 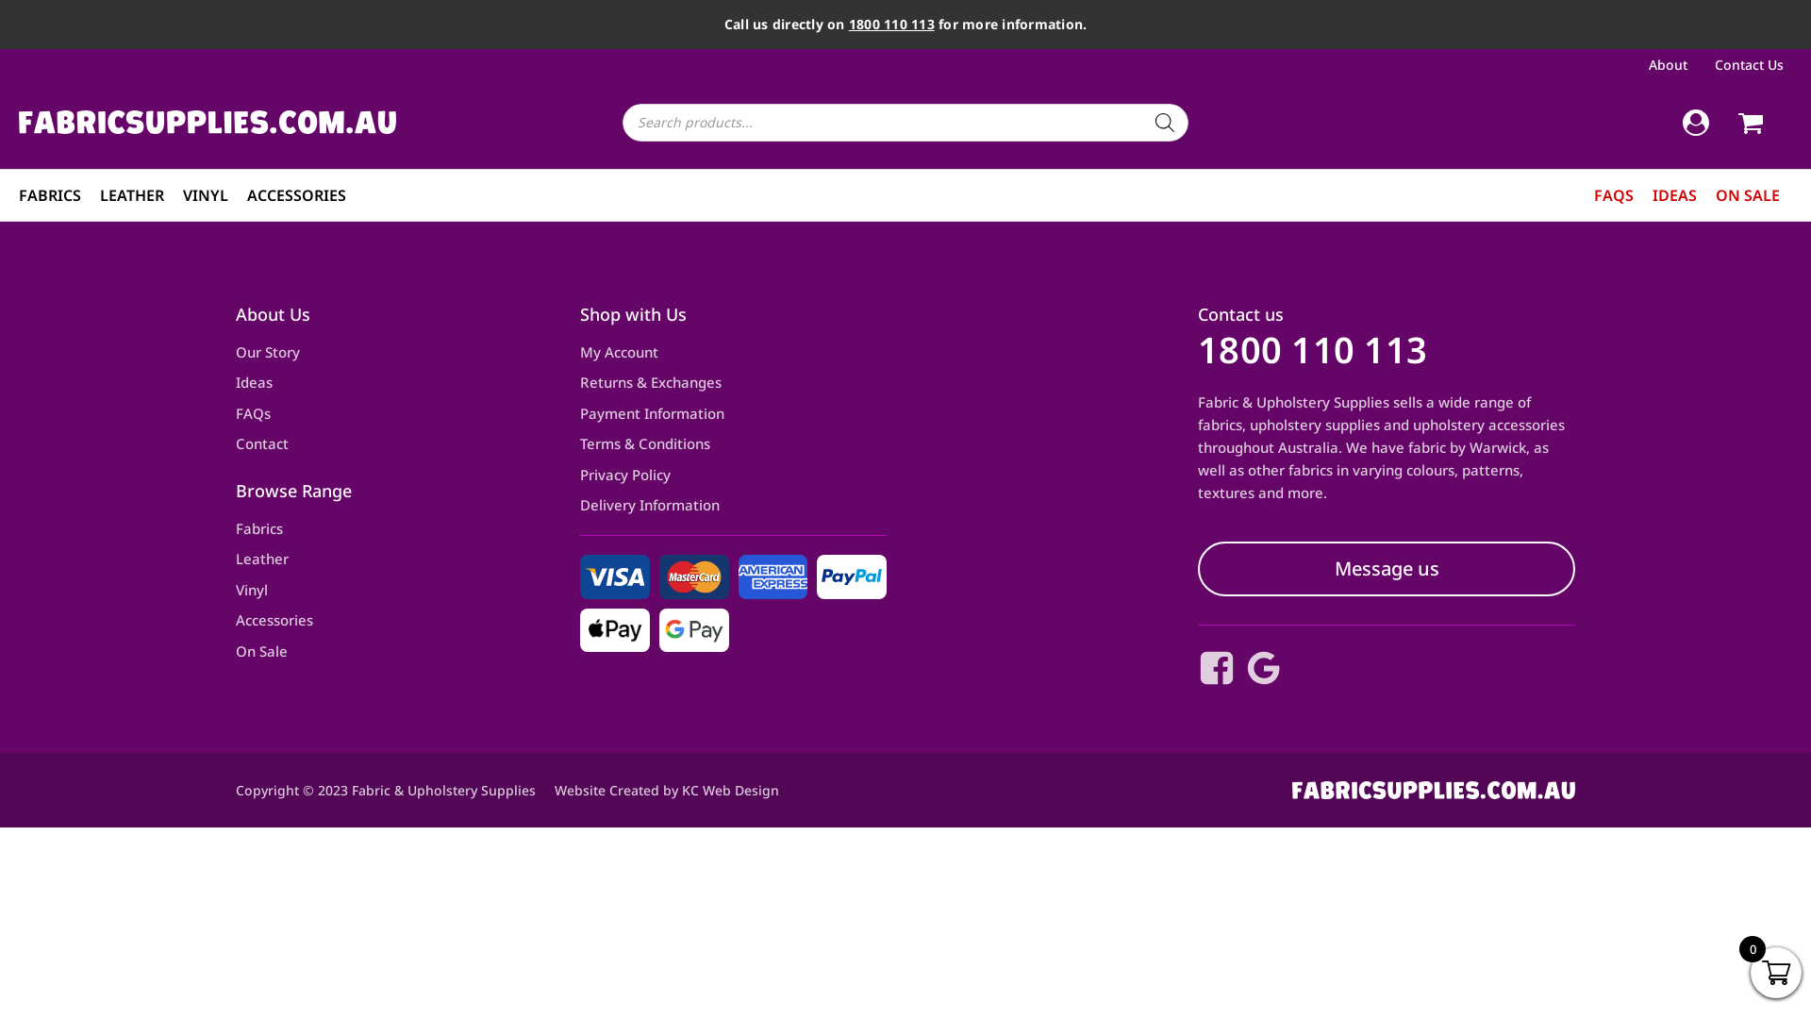 I want to click on 'VINYL', so click(x=182, y=195).